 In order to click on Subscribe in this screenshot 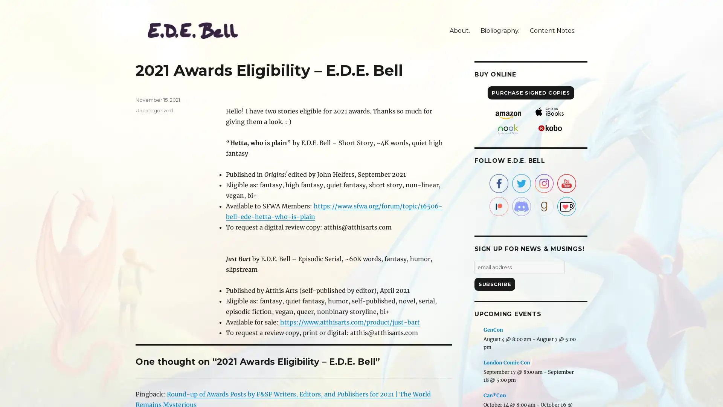, I will do `click(495, 284)`.